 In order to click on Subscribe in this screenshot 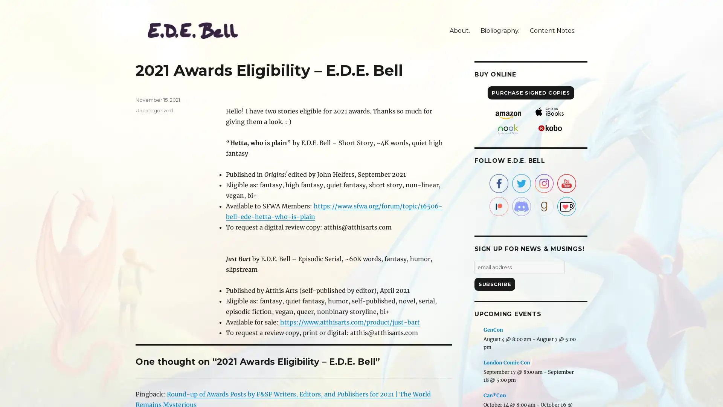, I will do `click(495, 284)`.